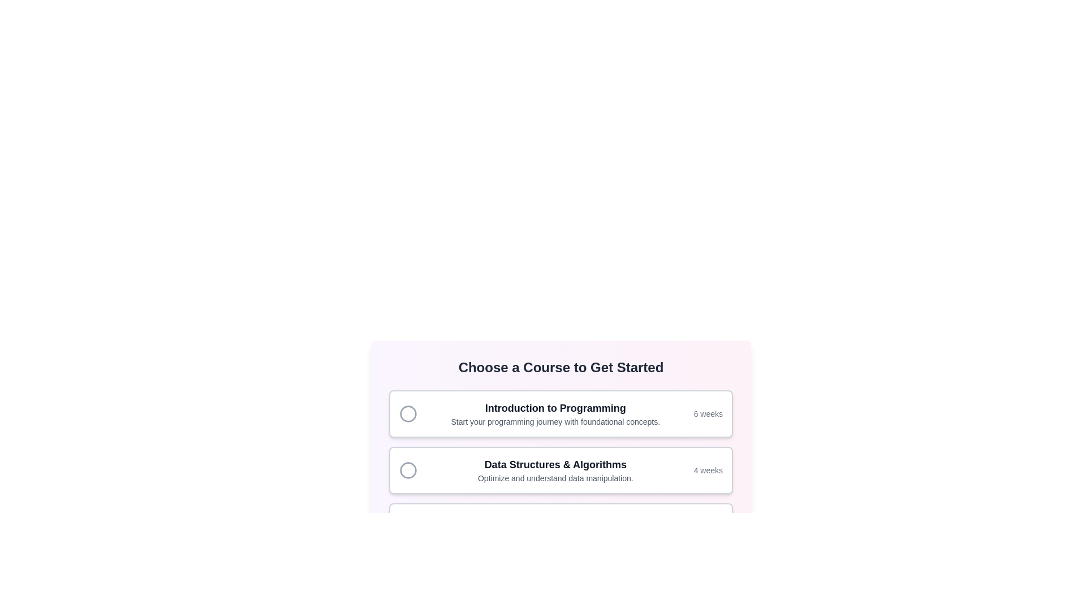  I want to click on the descriptive Text Label providing context about the 'Introduction to Programming' course, which is positioned beneath the course title, so click(555, 422).